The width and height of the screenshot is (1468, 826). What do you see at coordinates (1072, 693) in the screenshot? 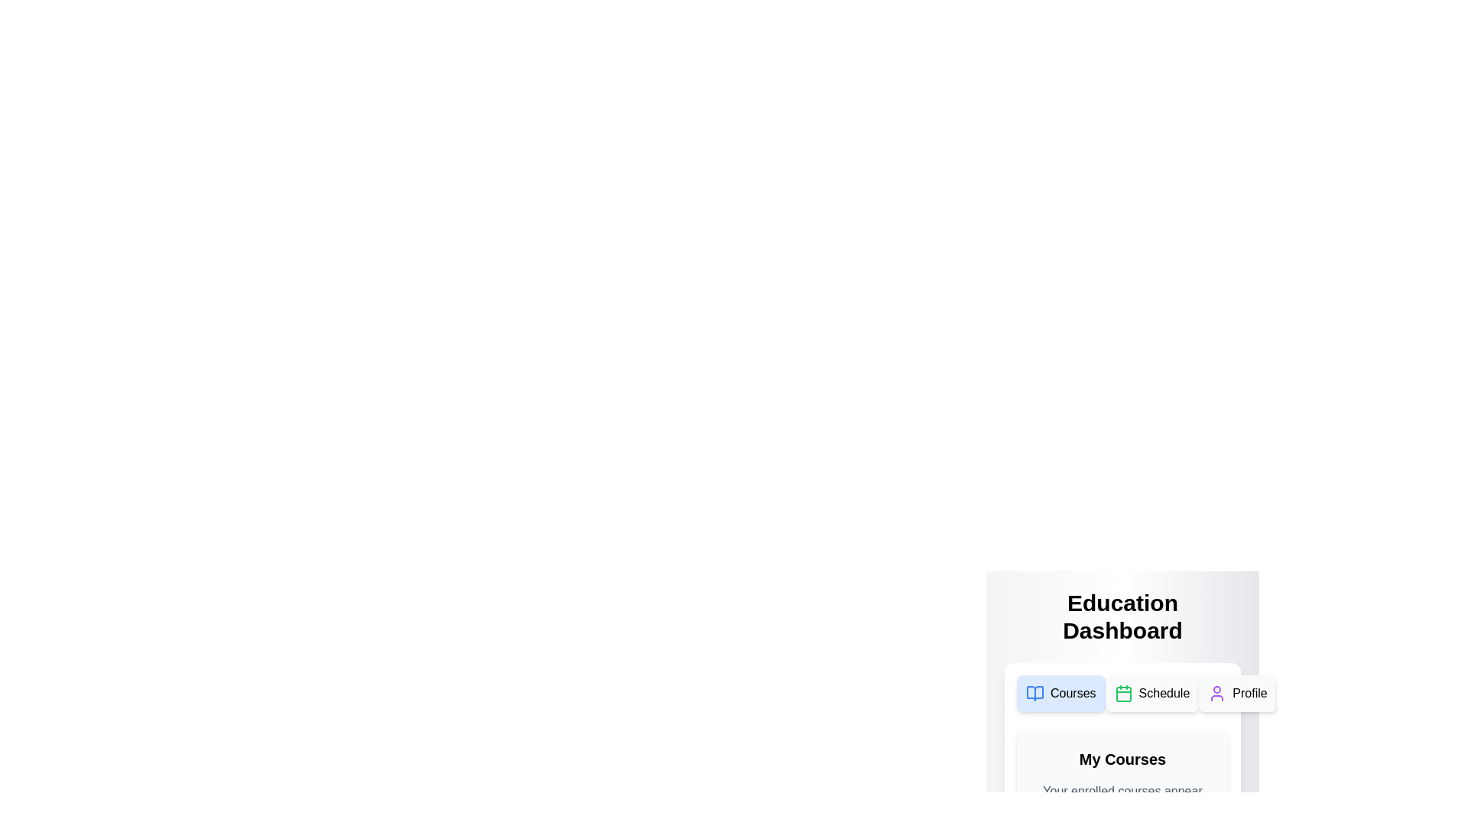
I see `text label displaying 'Courses' located inside a button, positioned to the right of an open book icon in a row of interactive buttons` at bounding box center [1072, 693].